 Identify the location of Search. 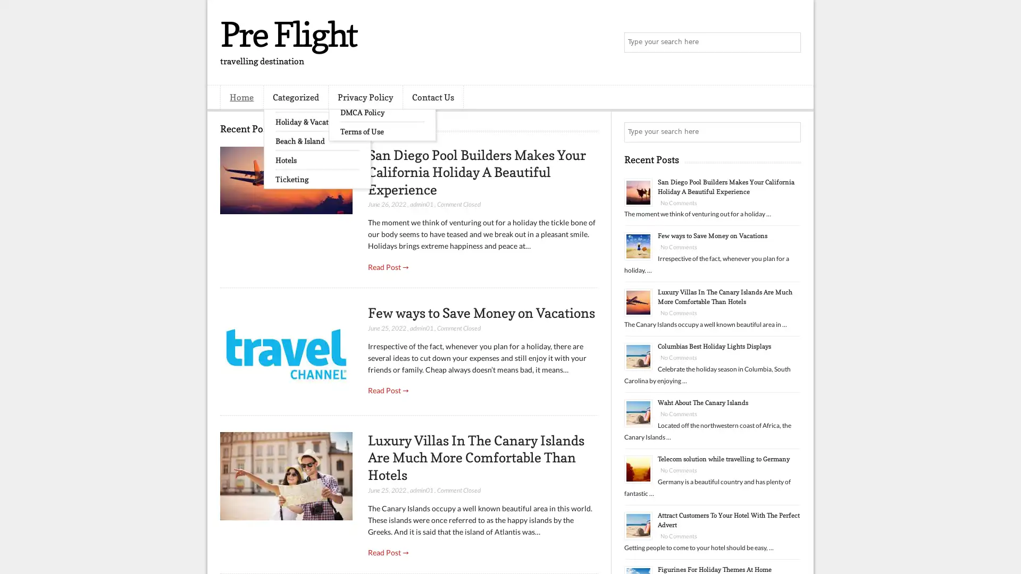
(790, 43).